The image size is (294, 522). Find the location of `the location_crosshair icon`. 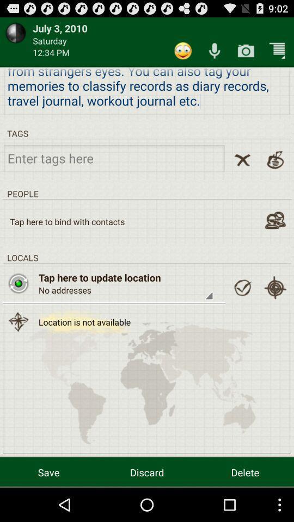

the location_crosshair icon is located at coordinates (274, 308).